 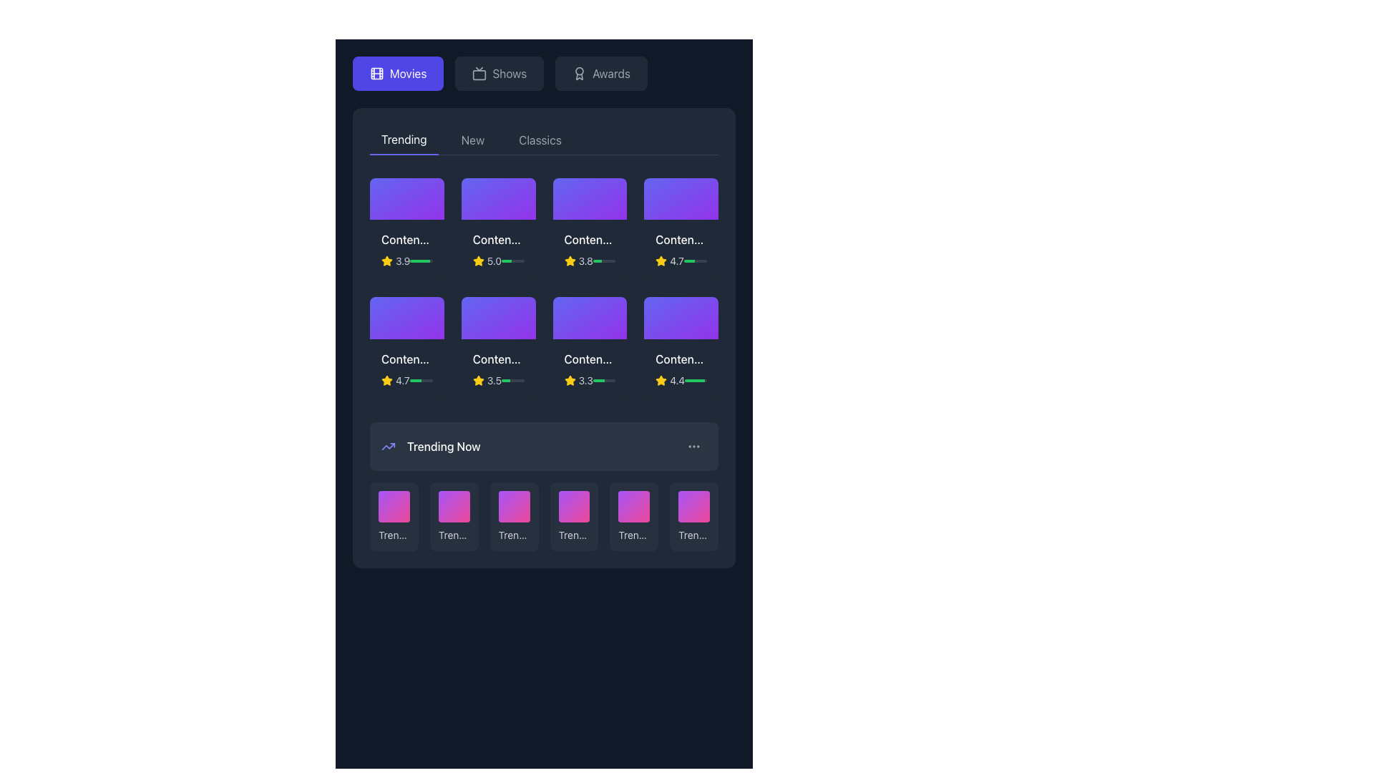 I want to click on the 'Trending' tab navigation button, which is the first option within the tab group at the top of the section, so click(x=403, y=140).